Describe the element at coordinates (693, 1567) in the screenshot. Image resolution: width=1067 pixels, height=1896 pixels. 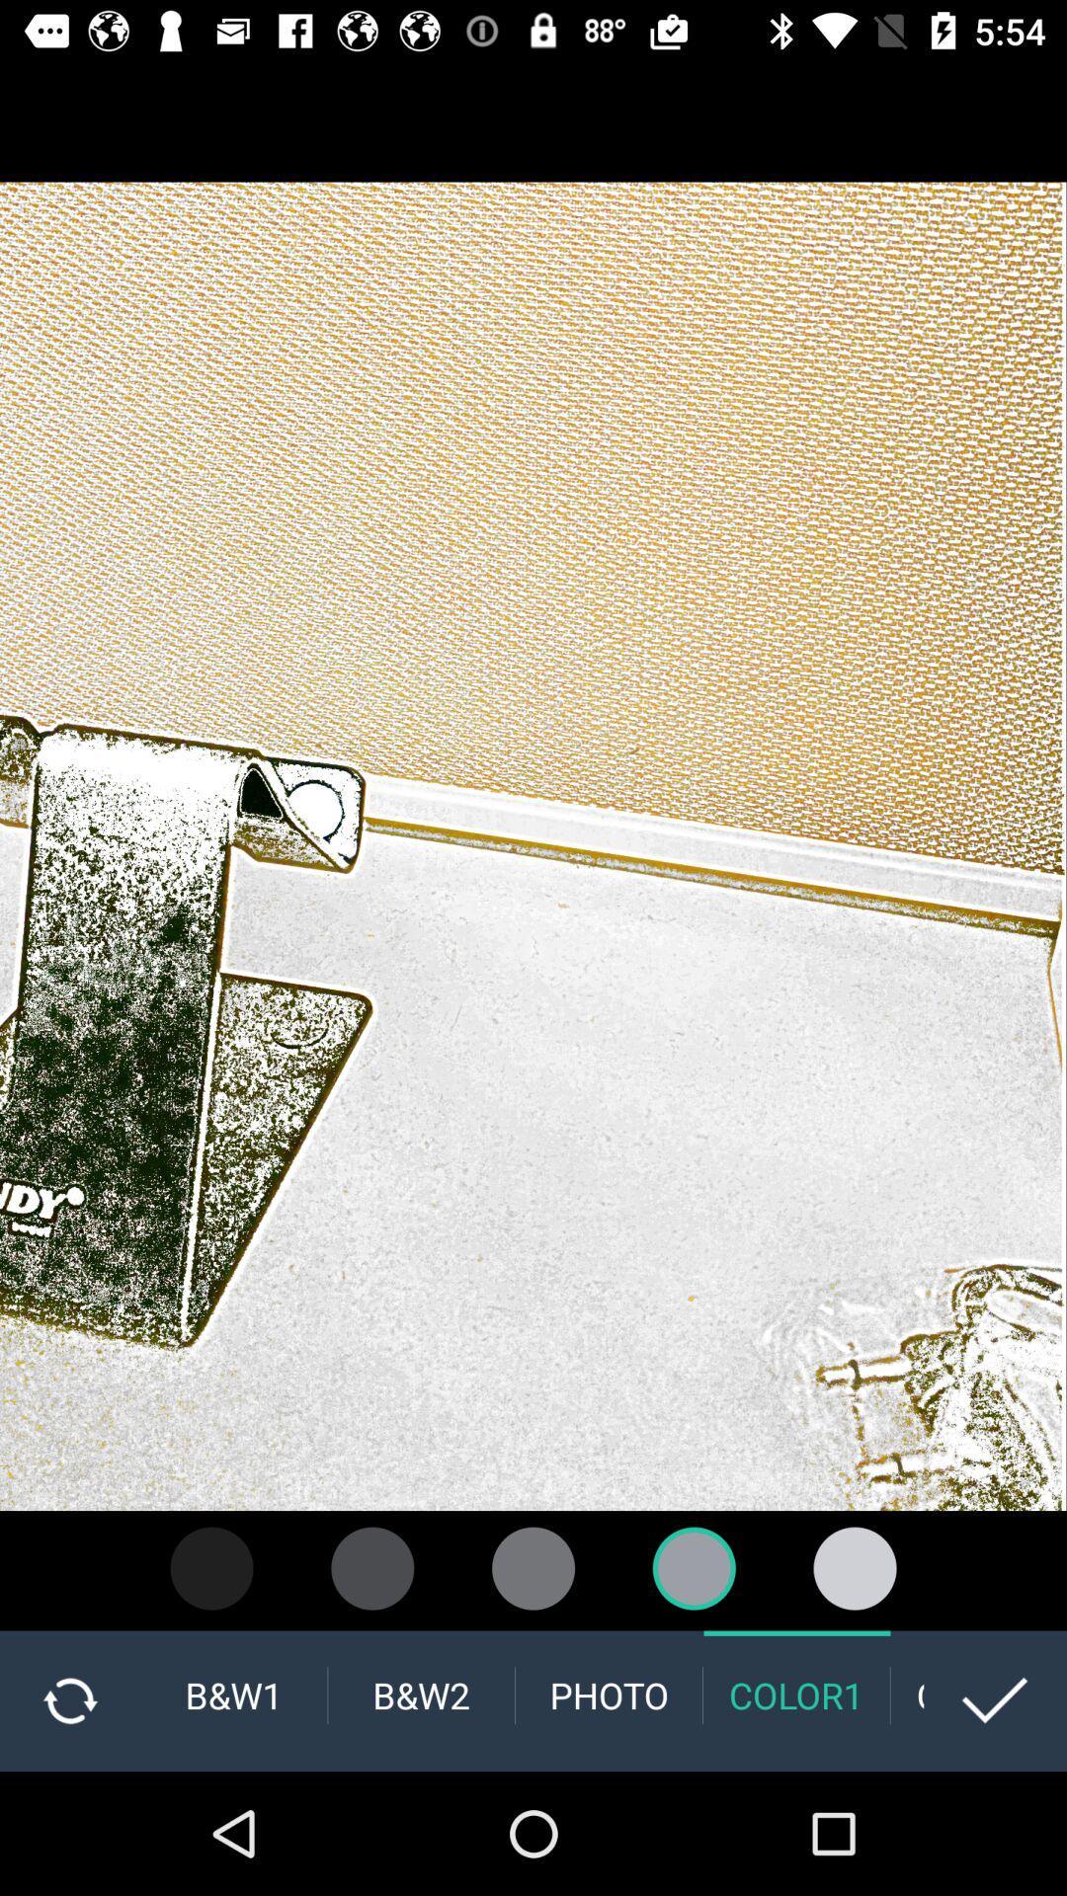
I see `the avatar icon` at that location.